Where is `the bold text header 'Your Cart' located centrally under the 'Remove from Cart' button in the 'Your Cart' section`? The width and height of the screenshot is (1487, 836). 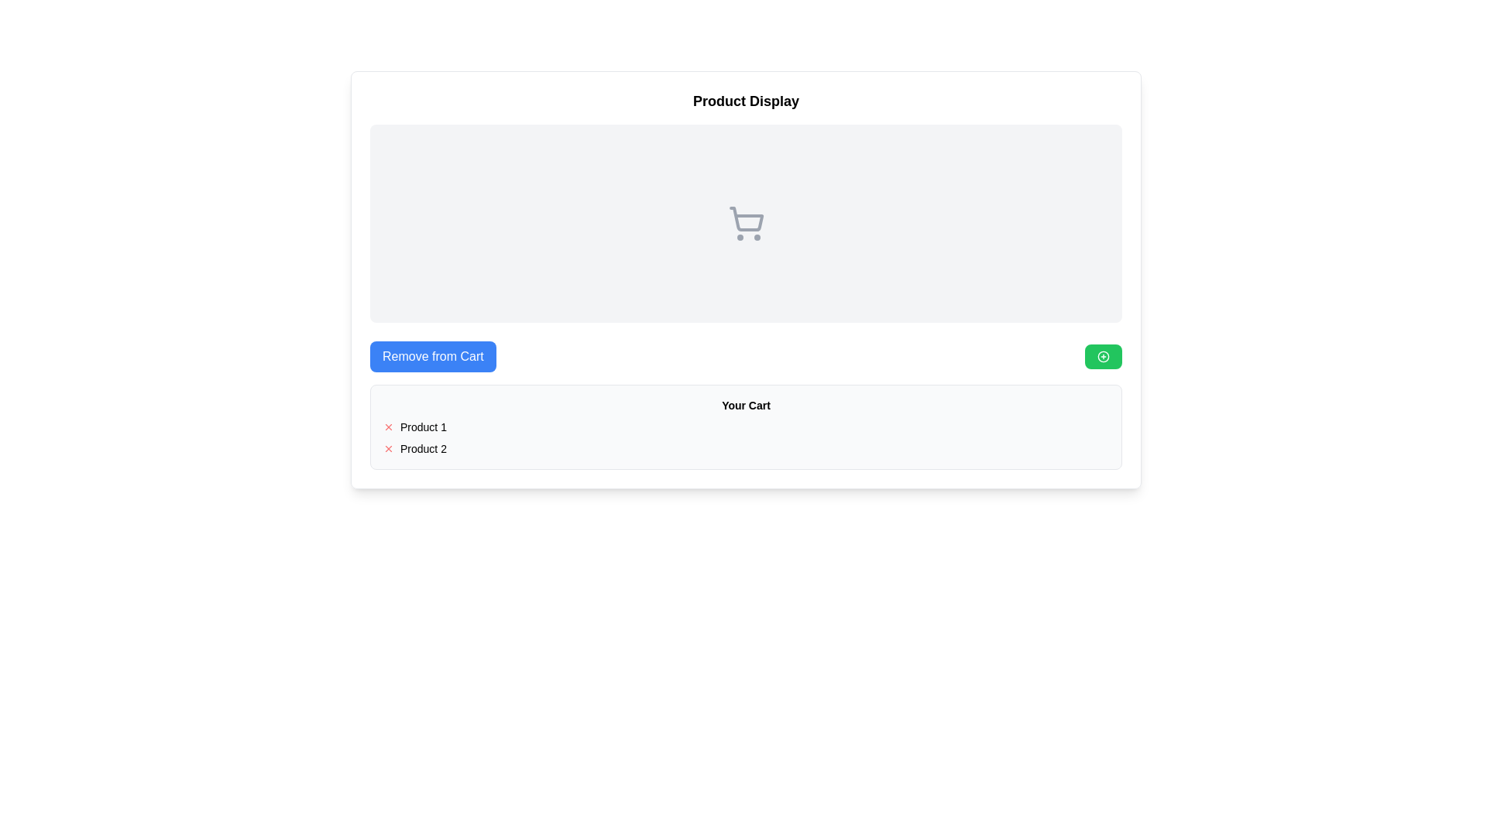
the bold text header 'Your Cart' located centrally under the 'Remove from Cart' button in the 'Your Cart' section is located at coordinates (746, 405).